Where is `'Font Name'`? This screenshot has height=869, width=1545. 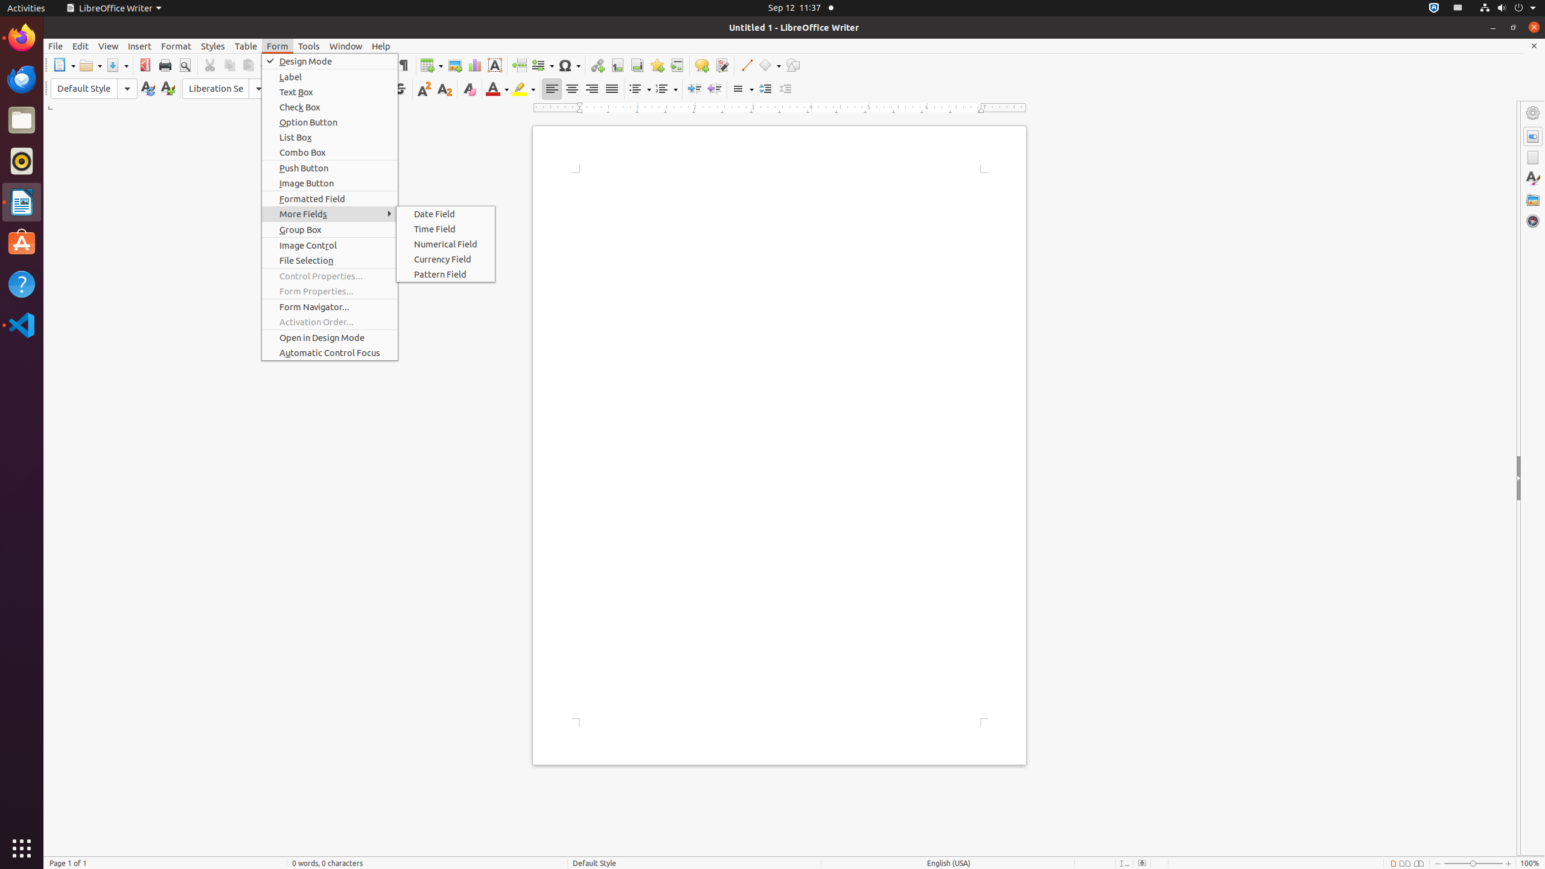 'Font Name' is located at coordinates (226, 88).